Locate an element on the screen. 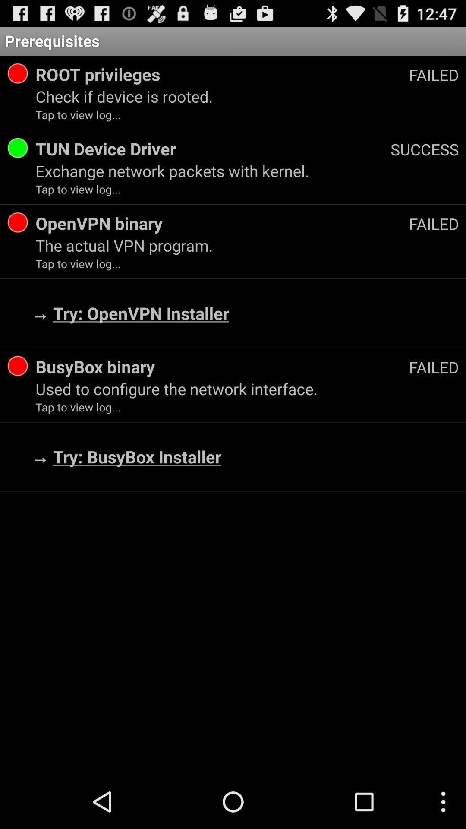 The height and width of the screenshot is (829, 466). the icon above the tap to view is located at coordinates (247, 96).